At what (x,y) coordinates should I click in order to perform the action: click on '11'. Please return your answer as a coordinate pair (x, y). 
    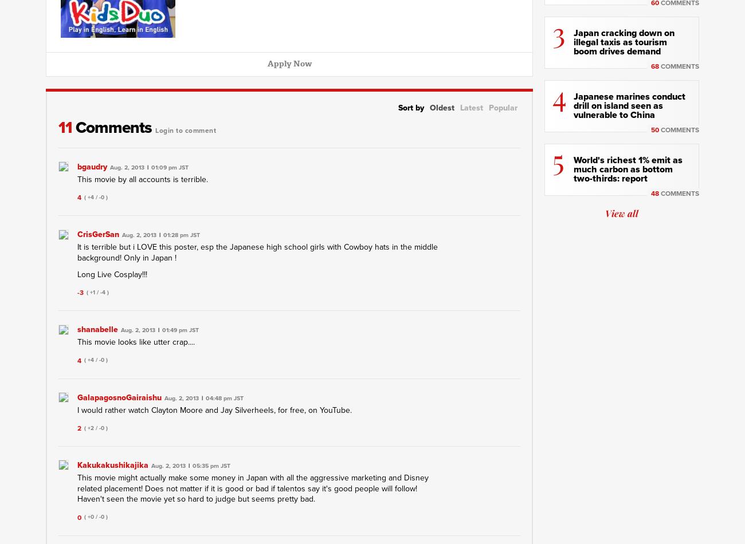
    Looking at the image, I should click on (66, 127).